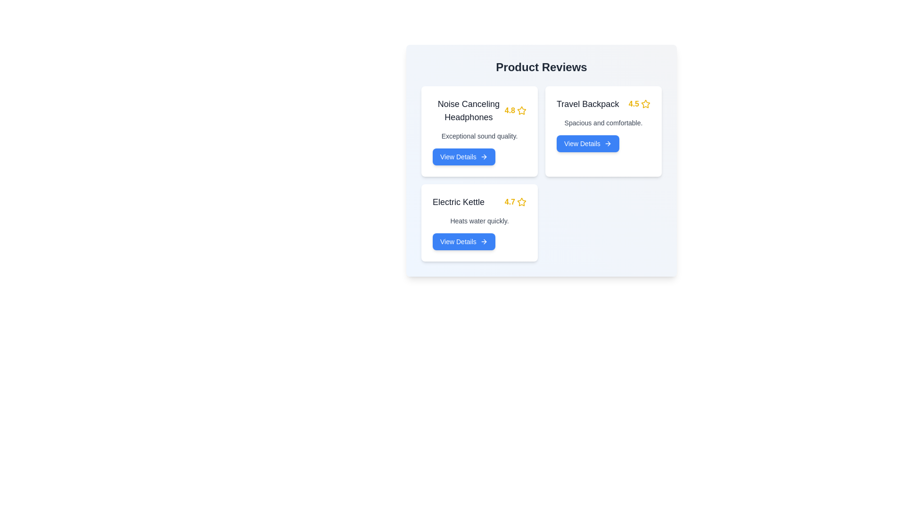 The height and width of the screenshot is (509, 905). Describe the element at coordinates (479, 131) in the screenshot. I see `the product card for Noise Canceling Headphones` at that location.